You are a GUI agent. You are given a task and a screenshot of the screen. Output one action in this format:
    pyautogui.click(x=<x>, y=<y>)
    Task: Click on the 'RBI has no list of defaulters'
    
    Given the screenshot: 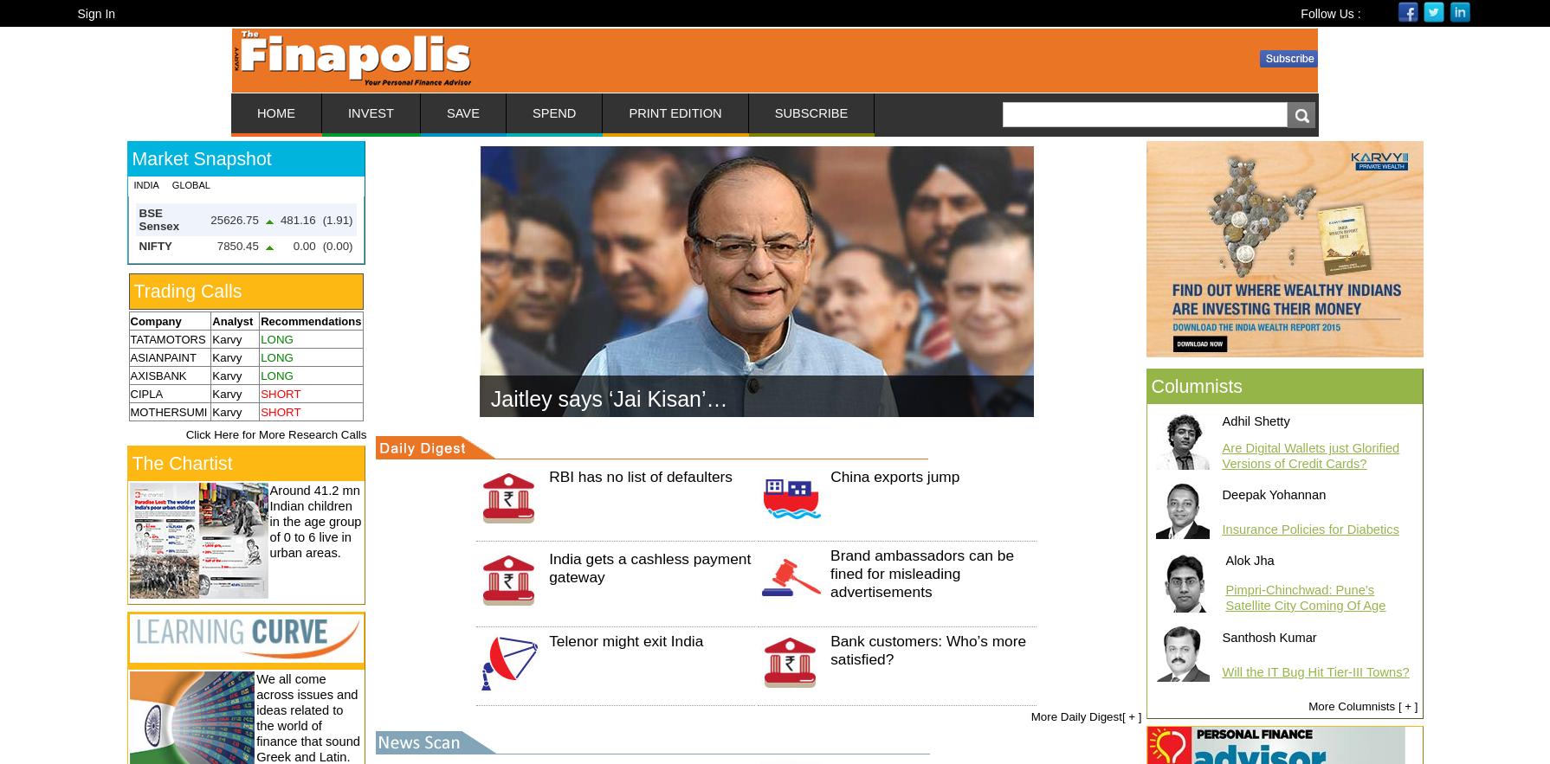 What is the action you would take?
    pyautogui.click(x=639, y=476)
    